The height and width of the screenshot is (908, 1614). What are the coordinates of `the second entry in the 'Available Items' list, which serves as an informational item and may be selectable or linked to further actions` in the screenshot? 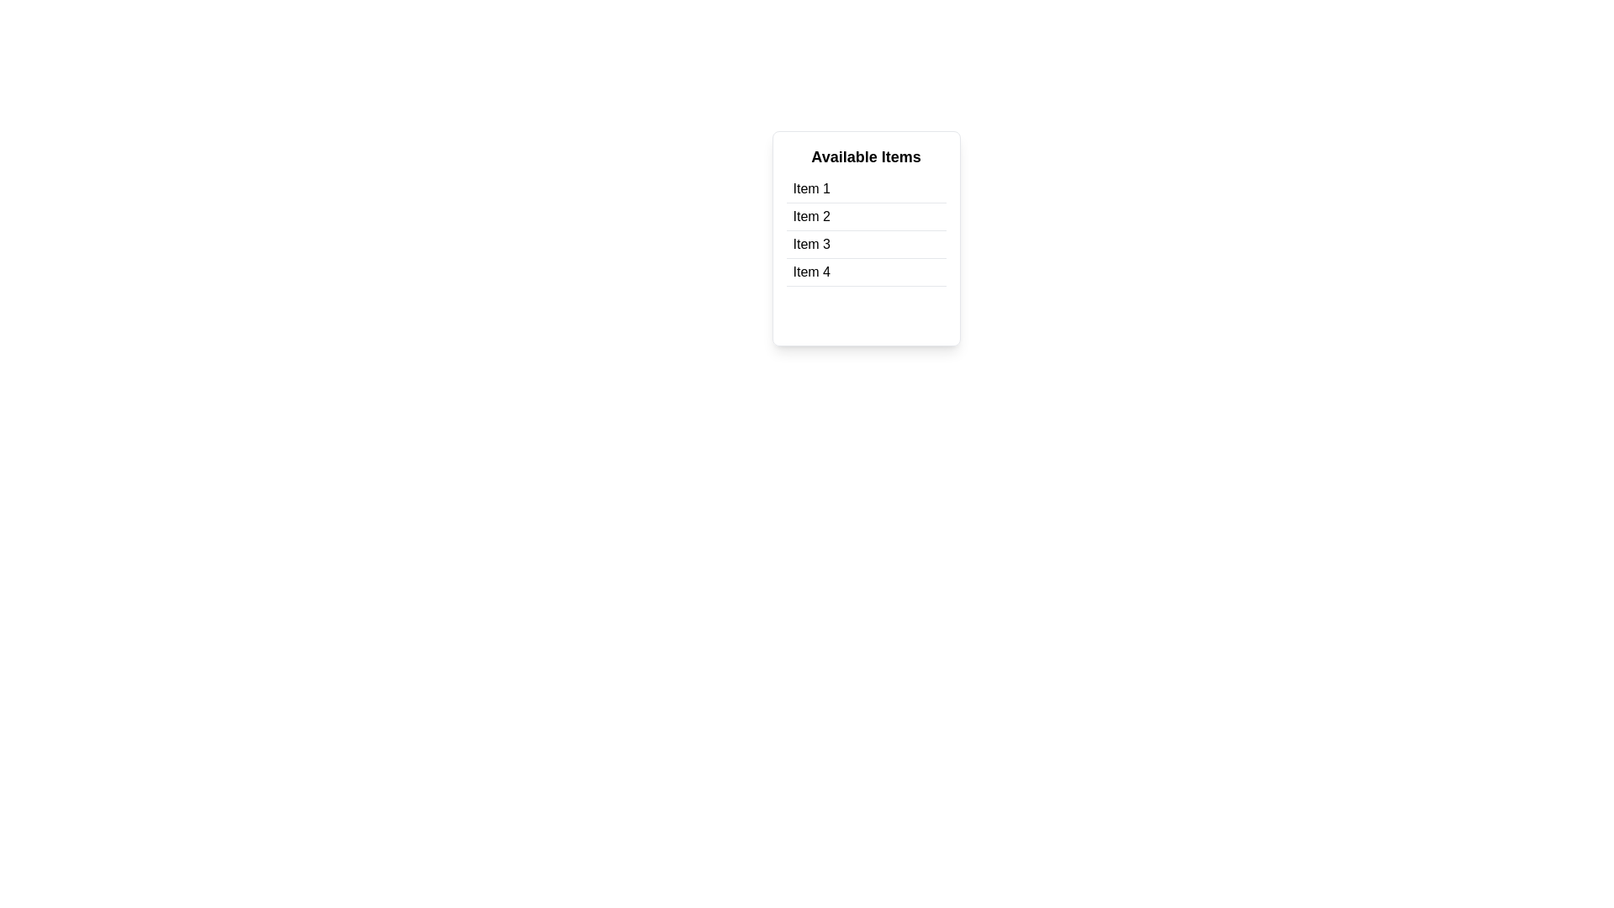 It's located at (811, 216).